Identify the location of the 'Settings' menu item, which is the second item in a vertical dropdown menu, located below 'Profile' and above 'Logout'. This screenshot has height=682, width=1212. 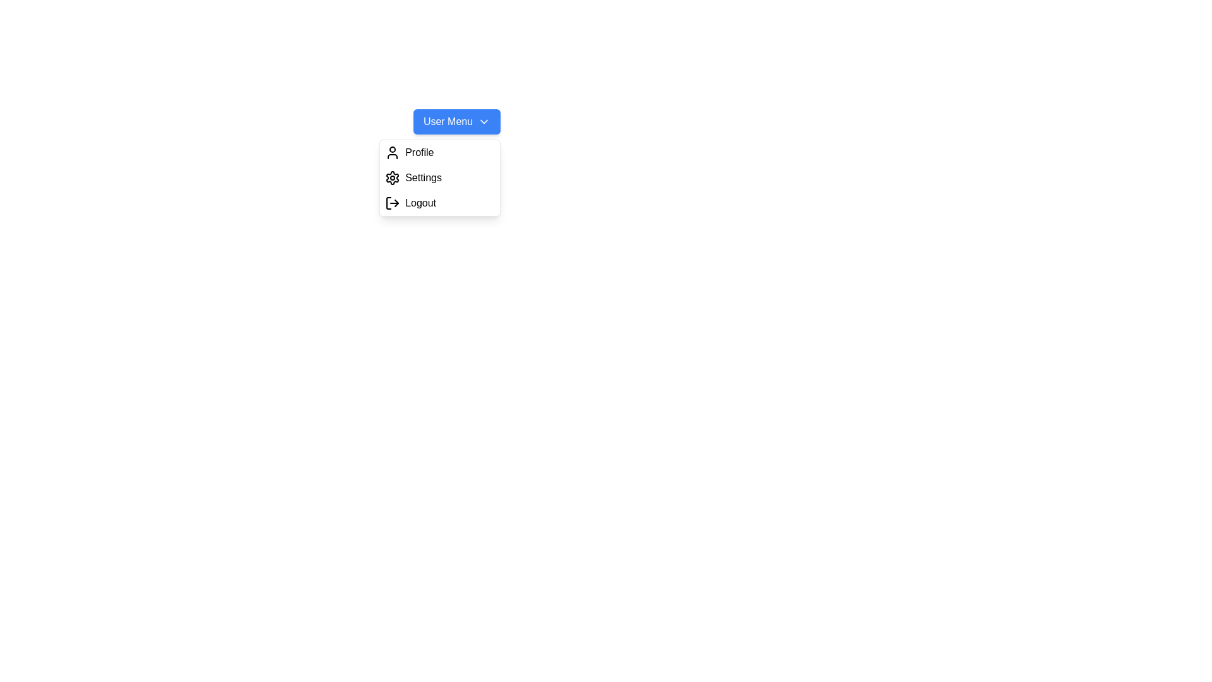
(440, 177).